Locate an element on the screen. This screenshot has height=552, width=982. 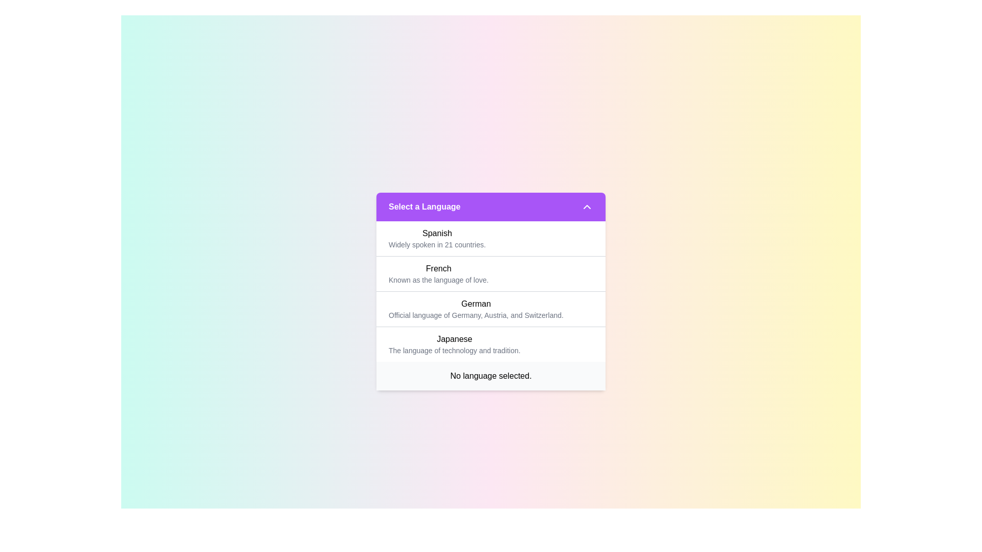
the selectable list item for 'French,' which is the second option in the dropdown list is located at coordinates (491, 291).